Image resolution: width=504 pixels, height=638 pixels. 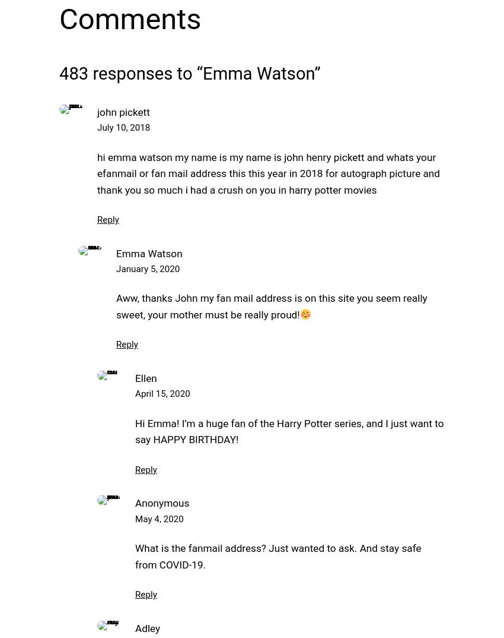 I want to click on 'Aww, thanks  John  my fan mail address is on this site you seem really sweet, your mother must be really proud!', so click(x=116, y=306).